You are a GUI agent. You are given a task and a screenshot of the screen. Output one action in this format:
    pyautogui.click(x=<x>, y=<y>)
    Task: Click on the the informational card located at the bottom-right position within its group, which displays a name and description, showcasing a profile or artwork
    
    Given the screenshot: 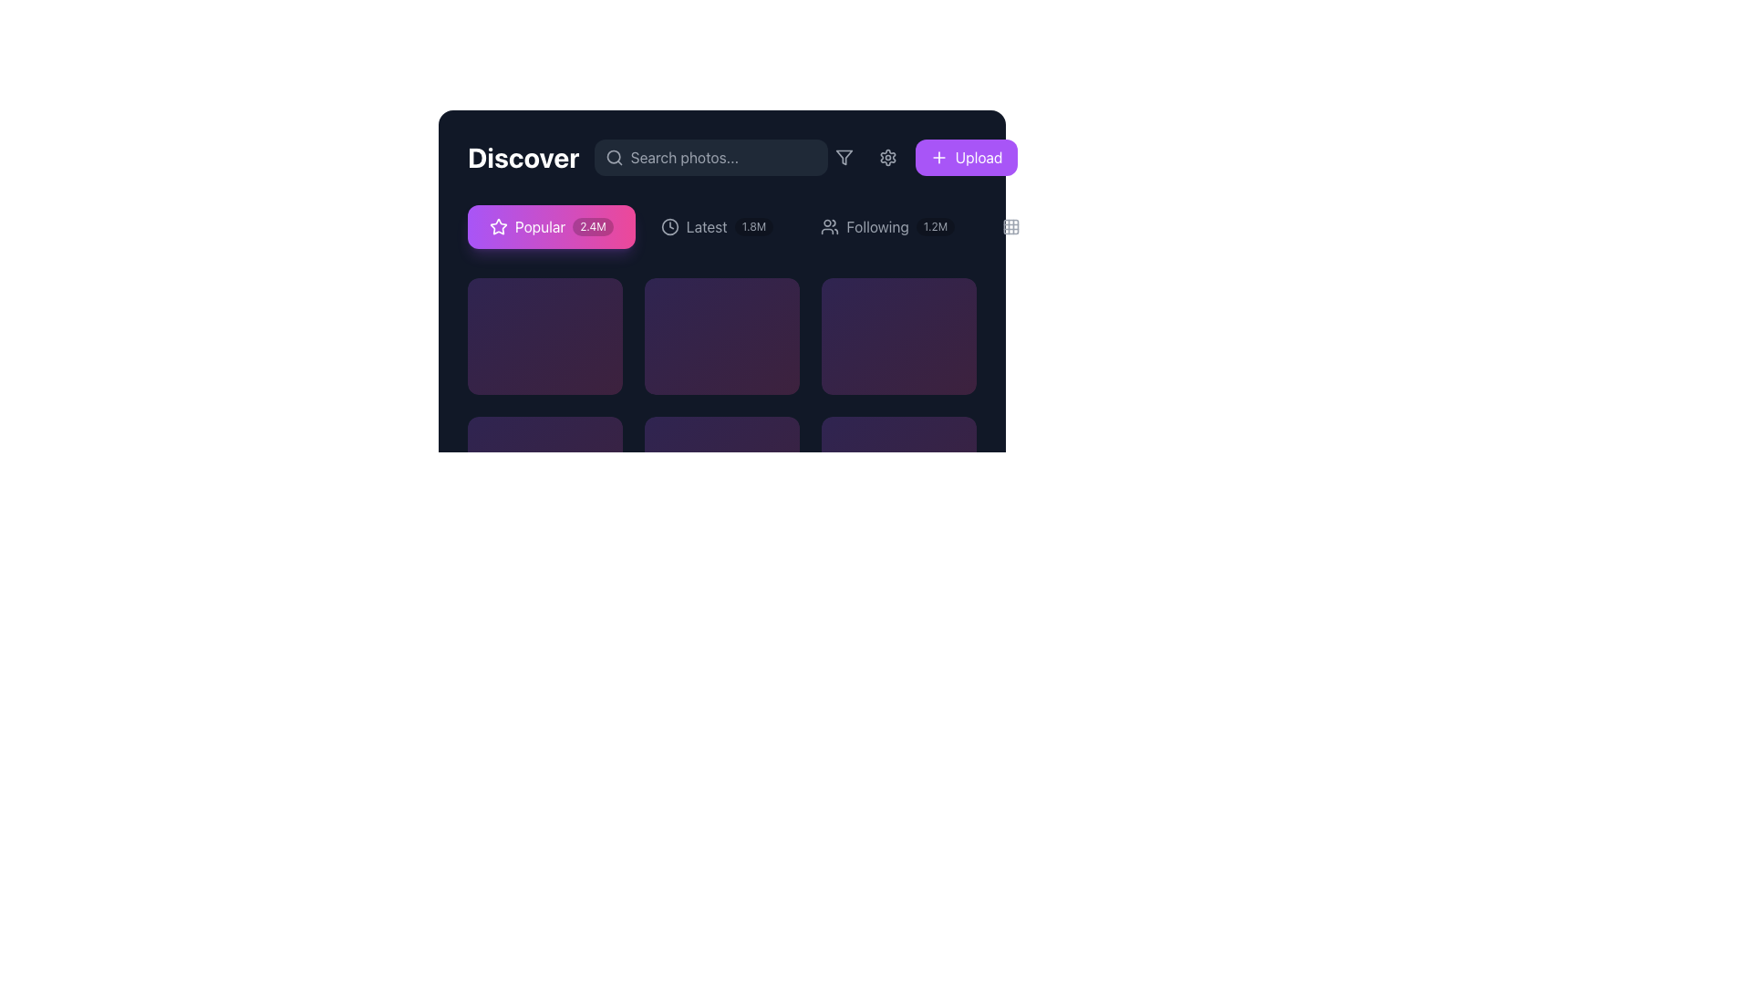 What is the action you would take?
    pyautogui.click(x=898, y=440)
    